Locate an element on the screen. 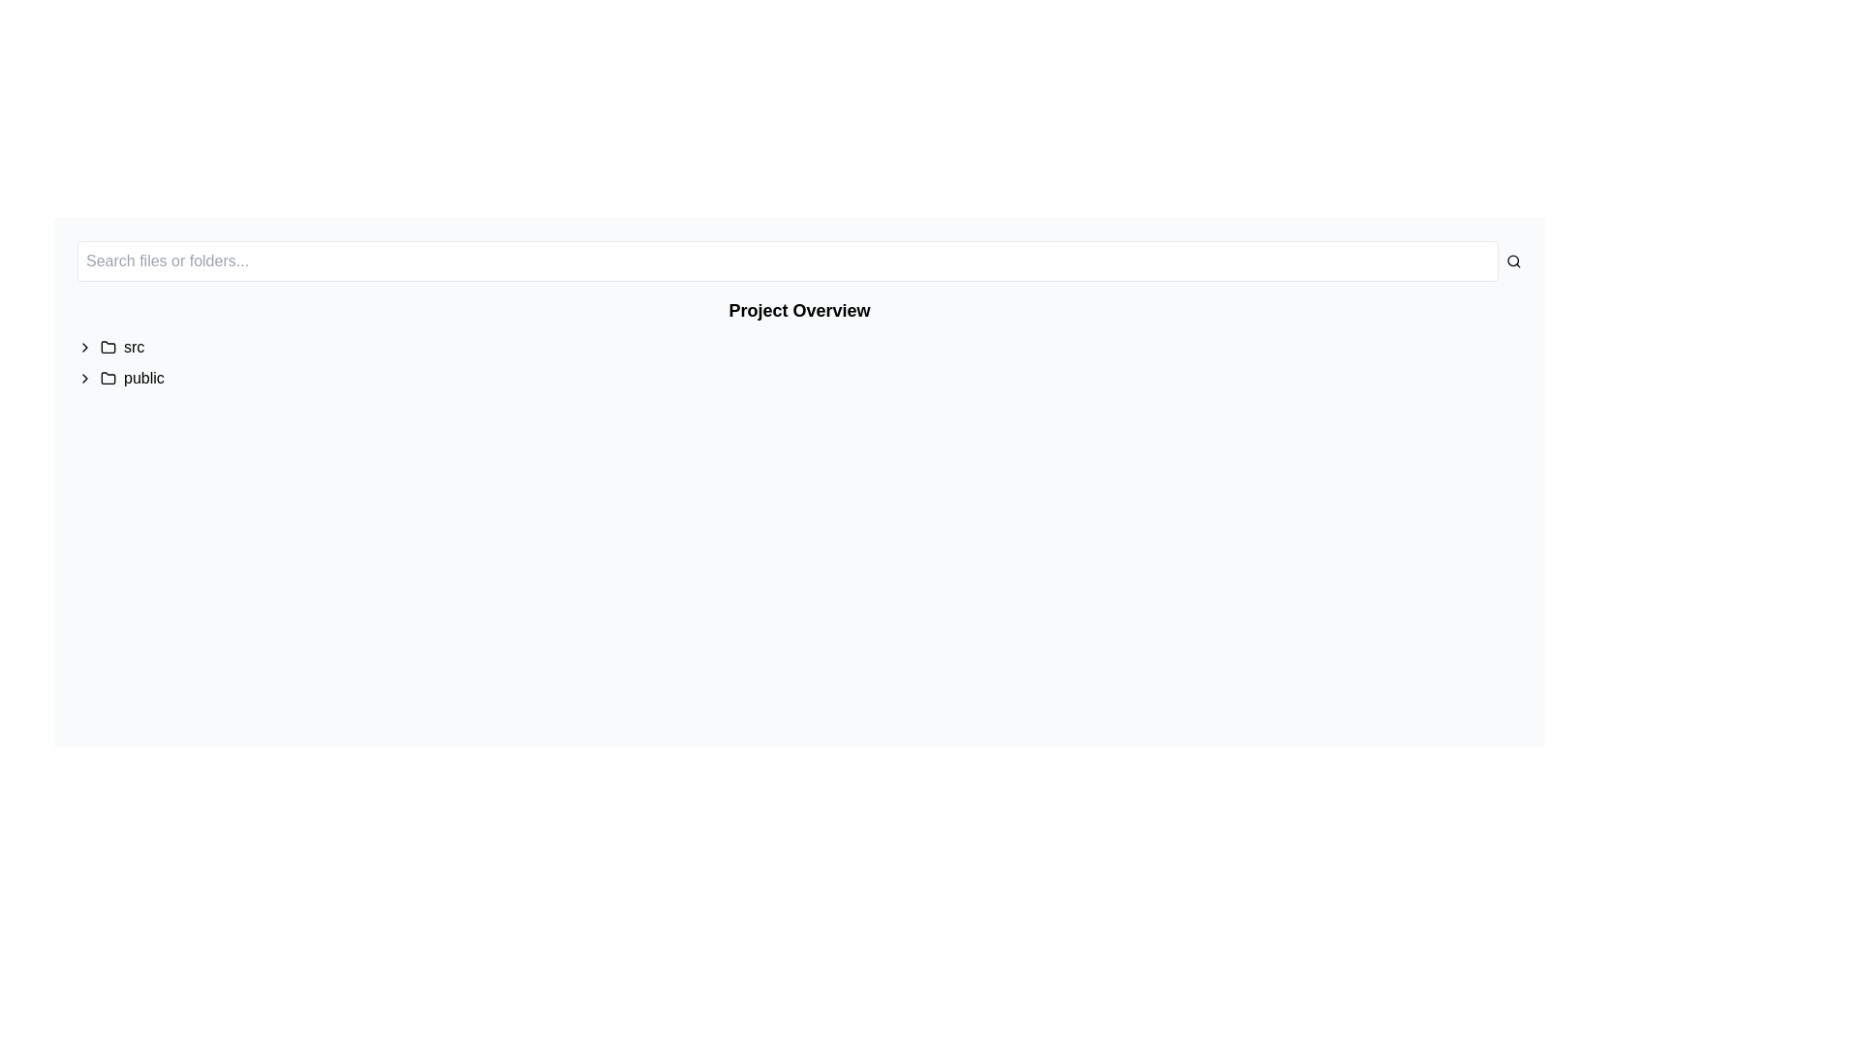  the SVG-based right-arrow icon located to the left of the 'public' label in the vertically aligned list to initiate an action is located at coordinates (83, 378).